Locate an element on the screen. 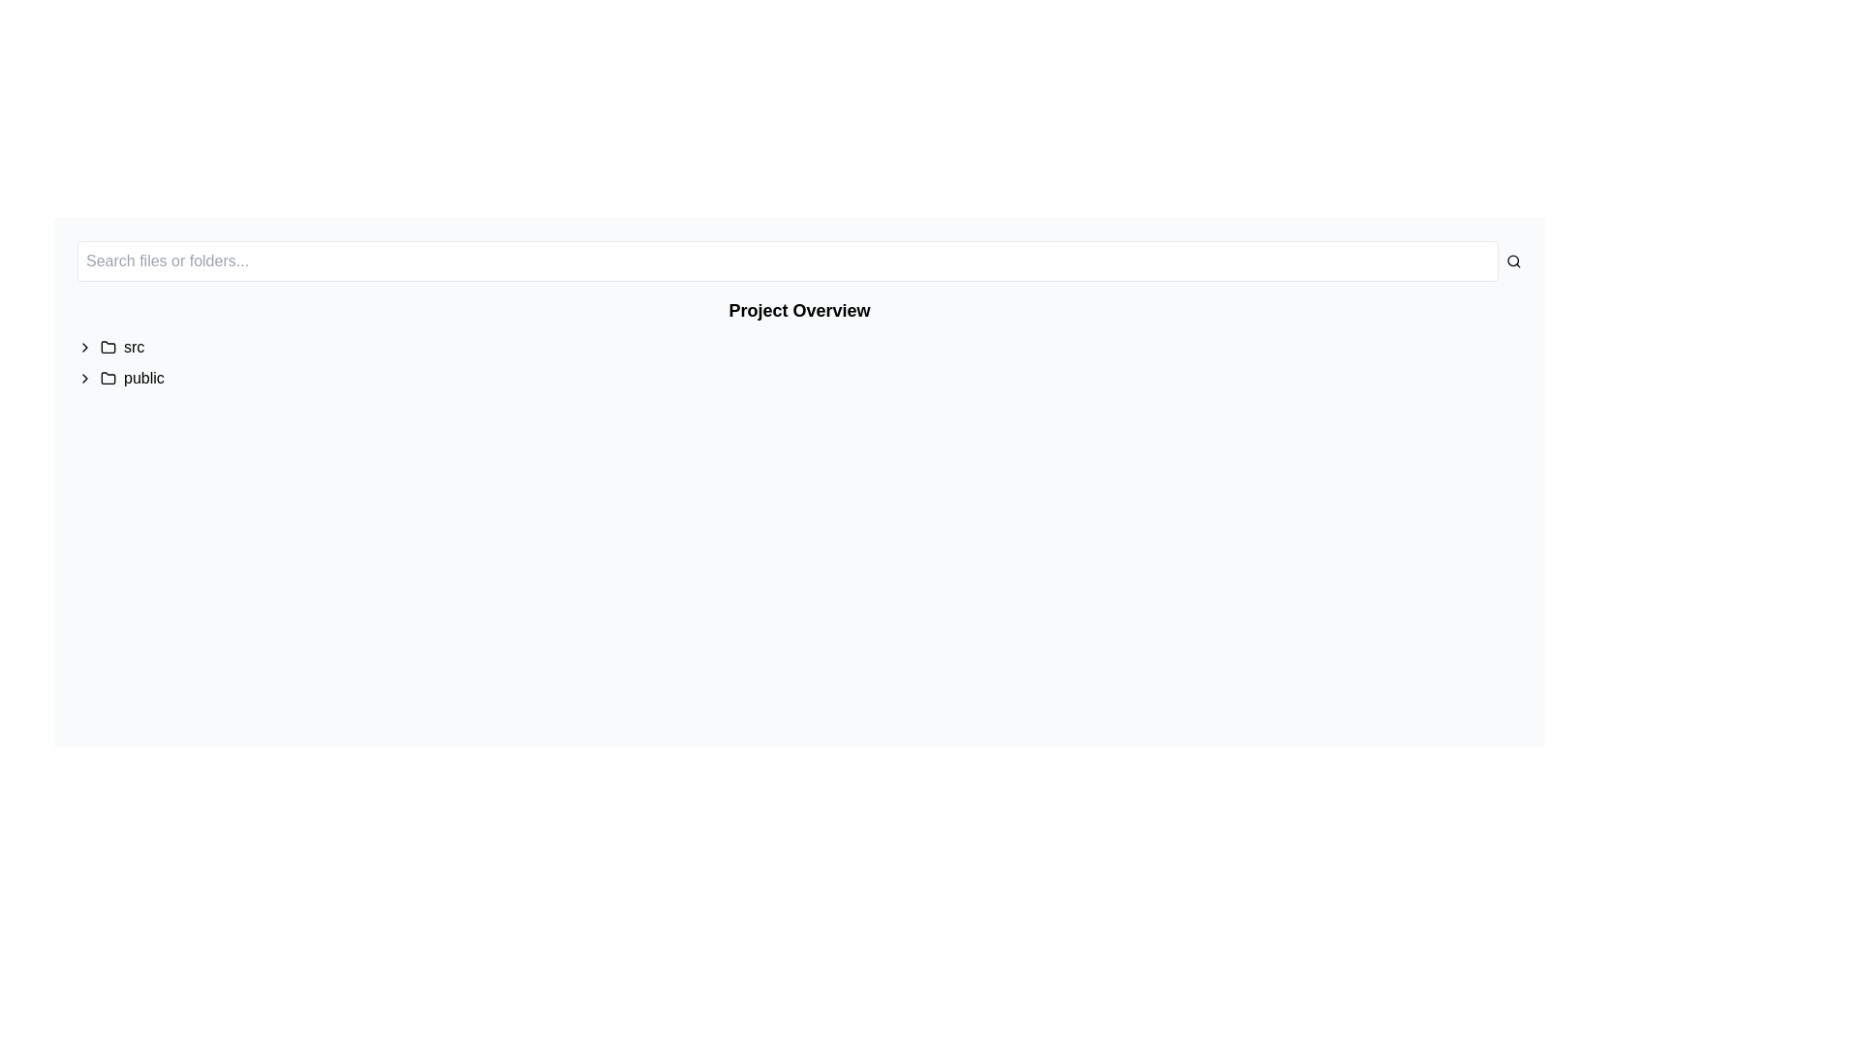  the SVG-based right-arrow icon located to the left of the 'public' label in the vertically aligned list to initiate an action is located at coordinates (83, 378).